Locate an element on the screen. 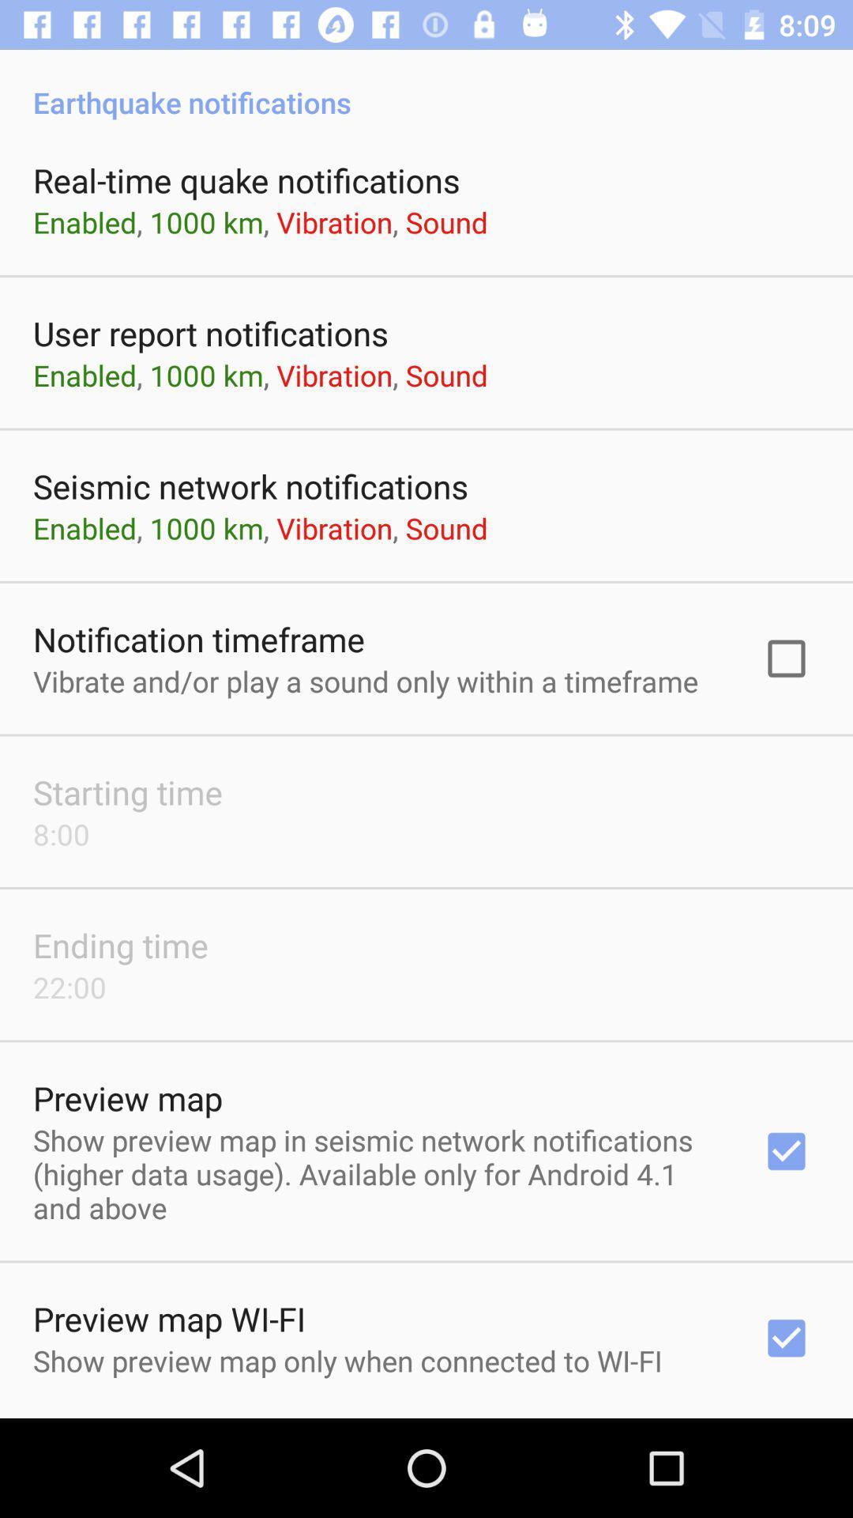  app above the 22:00 is located at coordinates (120, 945).